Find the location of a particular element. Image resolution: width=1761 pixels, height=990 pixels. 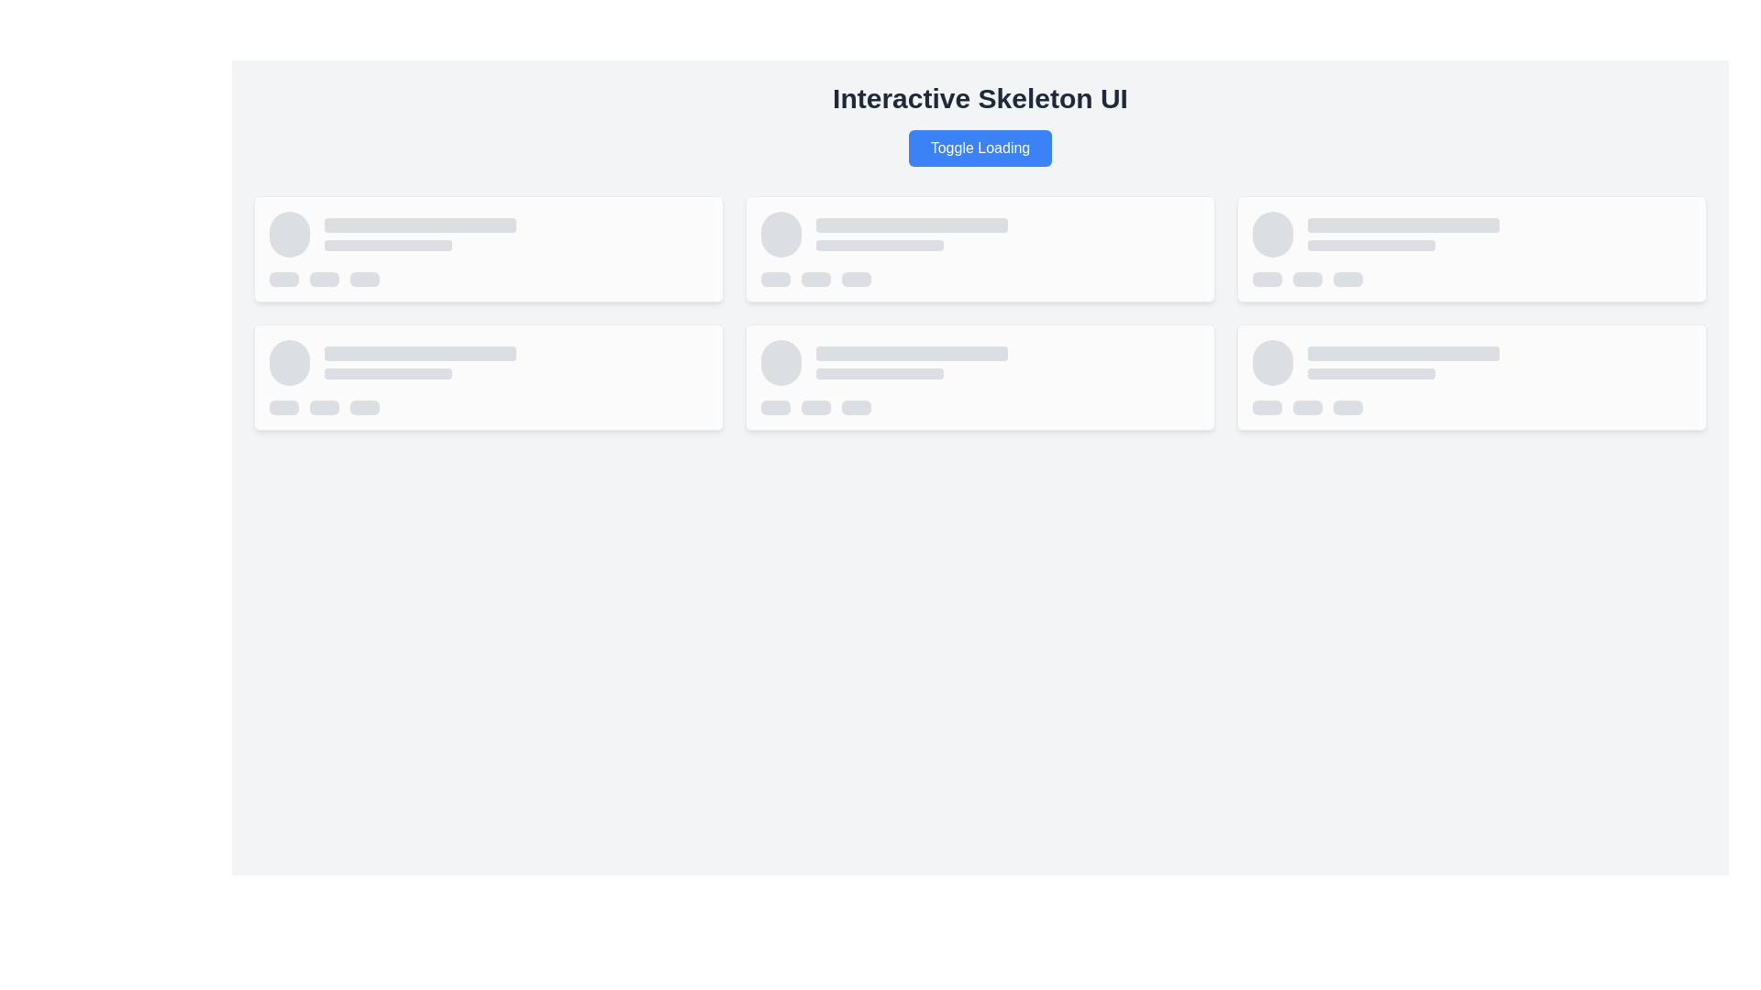

the Placeholder component located in the top-right card area, which consists of two placeholder lines indicating where titles and subtitles might appear is located at coordinates (1499, 233).